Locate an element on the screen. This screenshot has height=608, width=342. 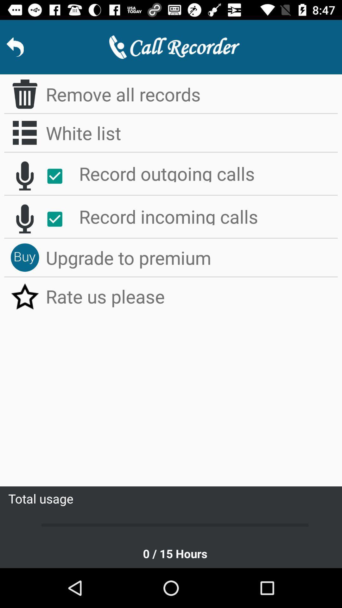
remove all records app is located at coordinates (191, 94).